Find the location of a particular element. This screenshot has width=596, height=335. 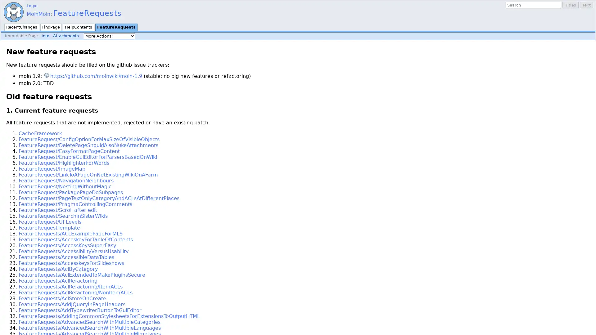

Titles is located at coordinates (571, 5).